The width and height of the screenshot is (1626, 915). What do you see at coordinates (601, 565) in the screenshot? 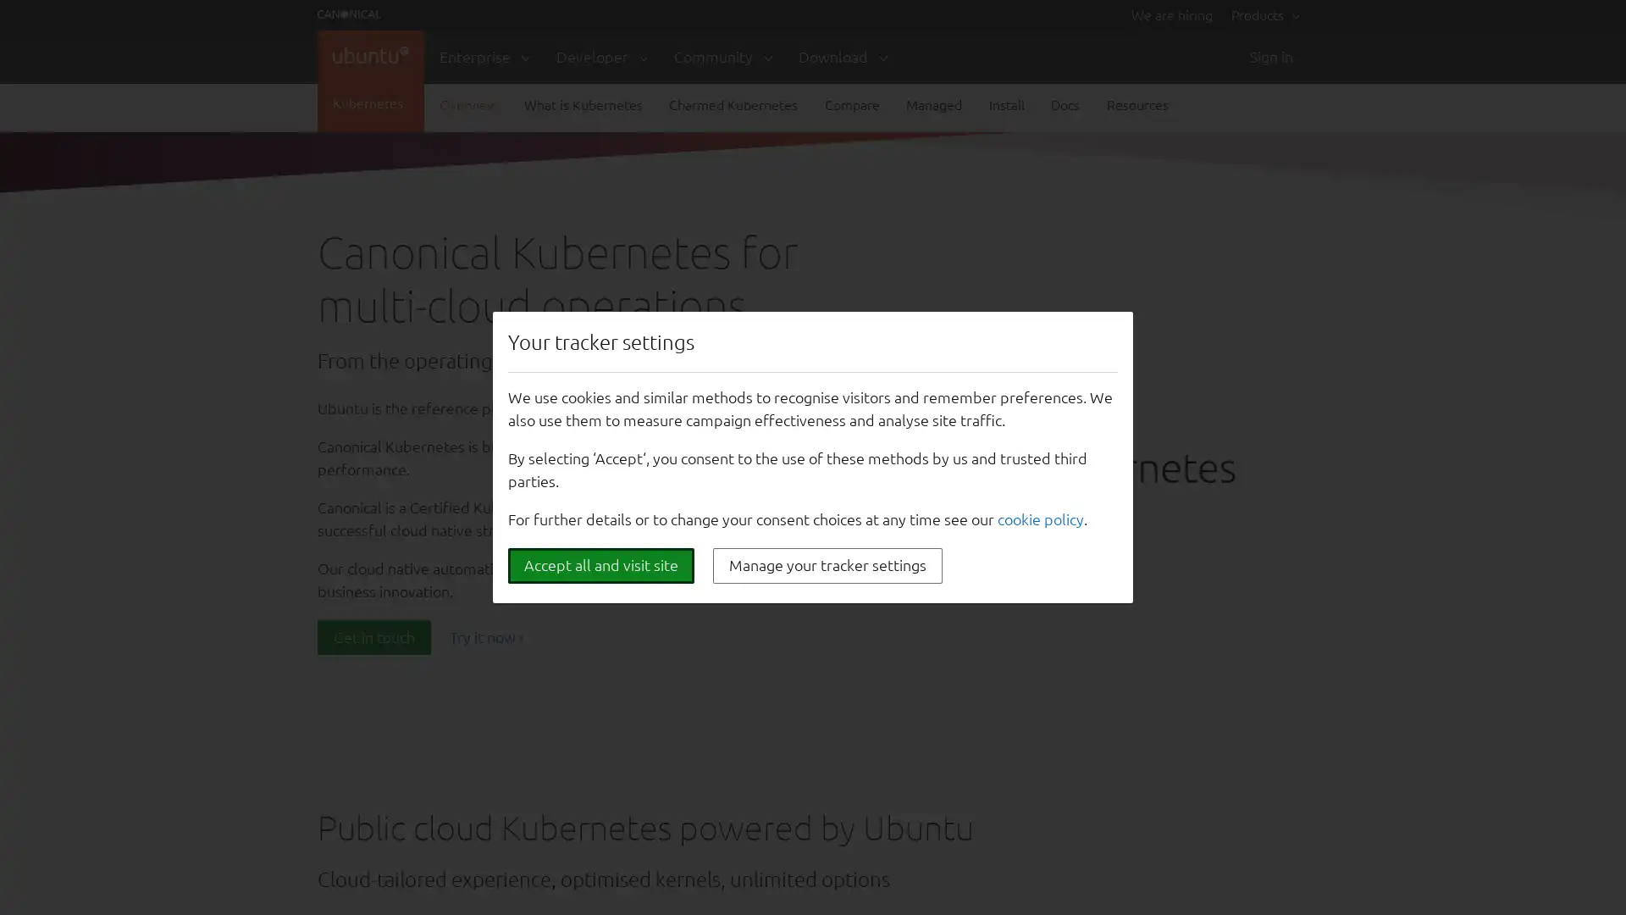
I see `Accept all and visit site` at bounding box center [601, 565].